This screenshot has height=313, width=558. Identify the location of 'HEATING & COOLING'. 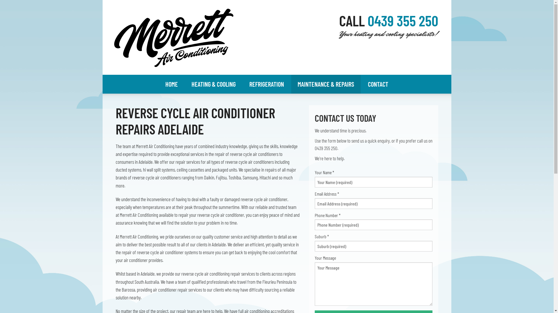
(213, 84).